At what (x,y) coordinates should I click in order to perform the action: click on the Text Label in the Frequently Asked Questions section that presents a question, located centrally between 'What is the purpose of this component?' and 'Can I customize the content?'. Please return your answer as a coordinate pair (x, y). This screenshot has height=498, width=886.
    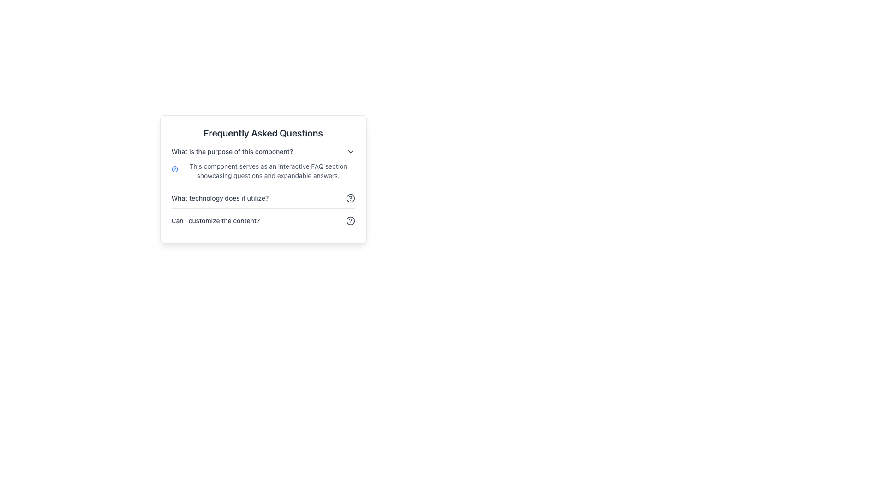
    Looking at the image, I should click on (219, 197).